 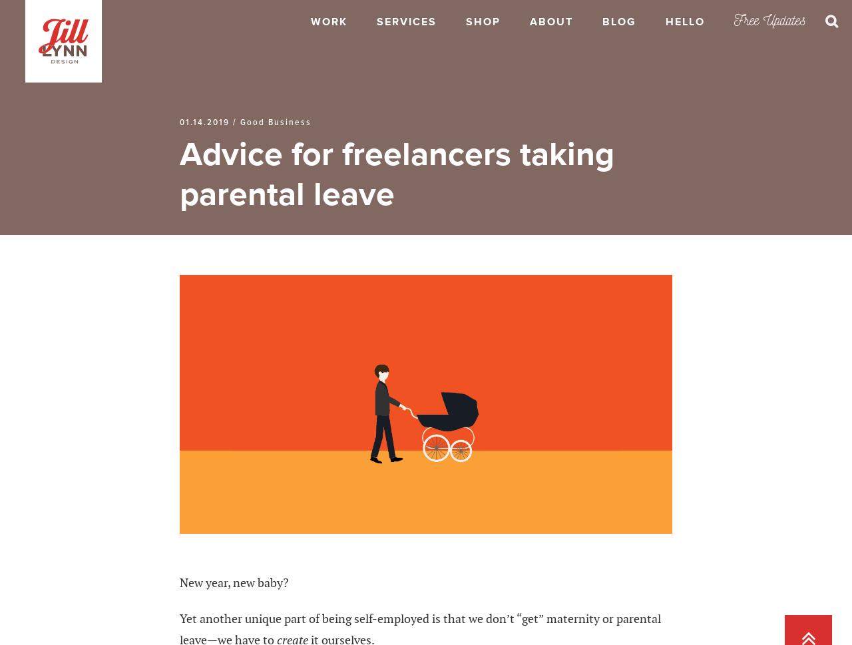 I want to click on 'Services', so click(x=376, y=22).